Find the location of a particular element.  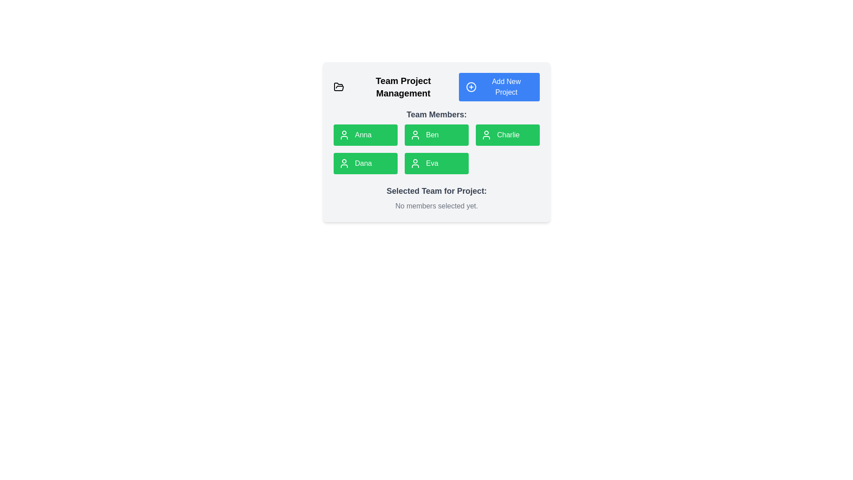

the bold text label reading 'Team Members:' which is prominently positioned above the grid of team member buttons is located at coordinates (437, 114).